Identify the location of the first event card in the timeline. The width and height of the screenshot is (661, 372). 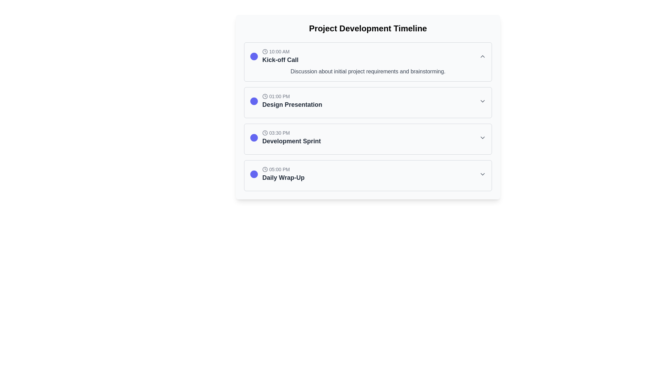
(368, 62).